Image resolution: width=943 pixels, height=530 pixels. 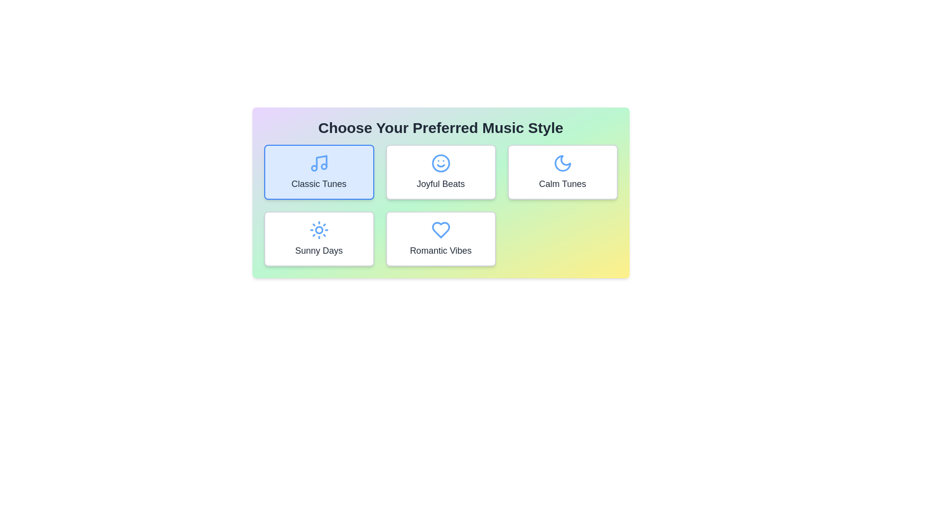 What do you see at coordinates (319, 250) in the screenshot?
I see `the text label describing the 'Sunny Days' option, located at the bottom of the second card in the grid layout beneath the title 'Choose Your Preferred Music Style'` at bounding box center [319, 250].